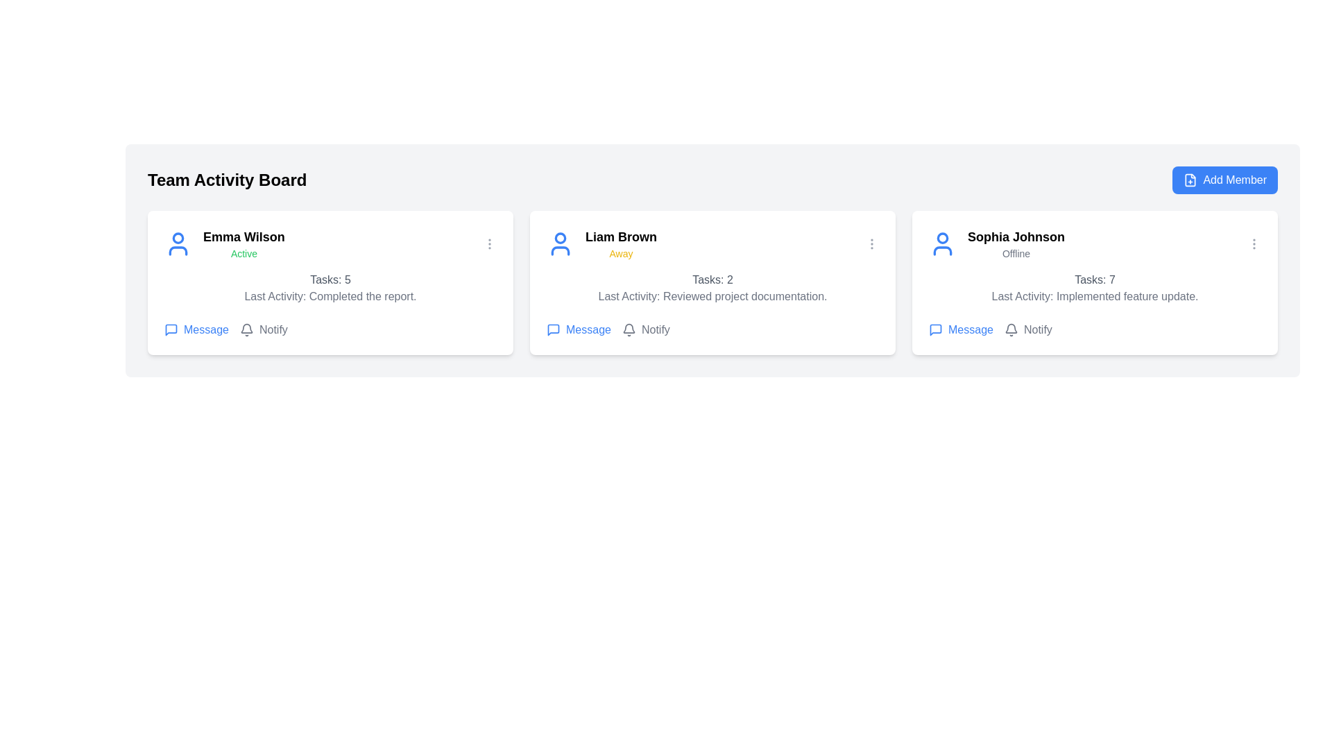 The image size is (1332, 749). Describe the element at coordinates (996, 243) in the screenshot. I see `the Profile Information Display for user 'Sophia Johnson'` at that location.